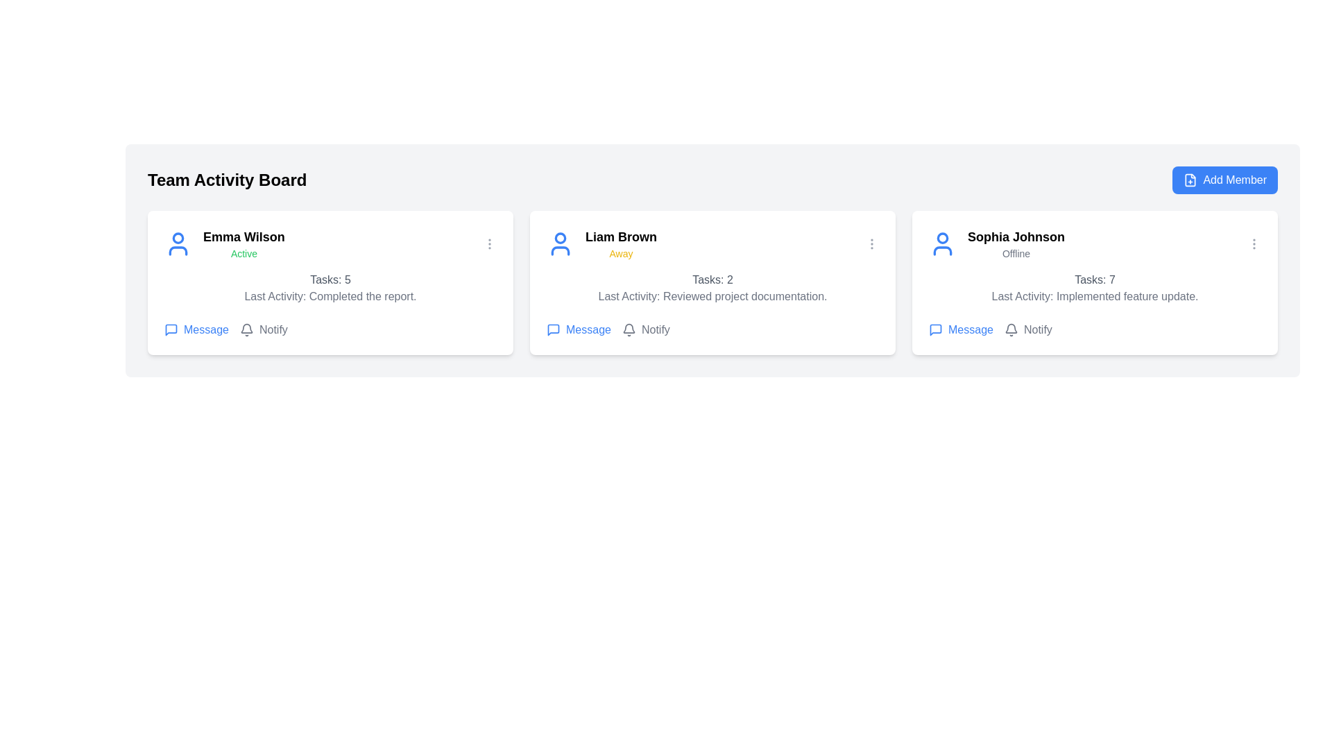 The image size is (1332, 749). Describe the element at coordinates (996, 243) in the screenshot. I see `the Profile Information Display for user 'Sophia Johnson'` at that location.